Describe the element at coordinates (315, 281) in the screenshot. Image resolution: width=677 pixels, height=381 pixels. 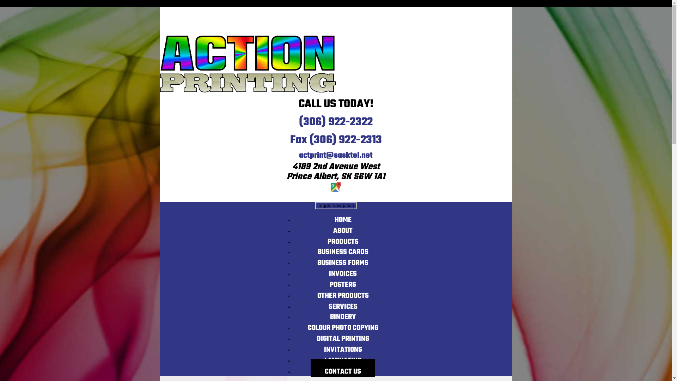
I see `'POSTERS'` at that location.